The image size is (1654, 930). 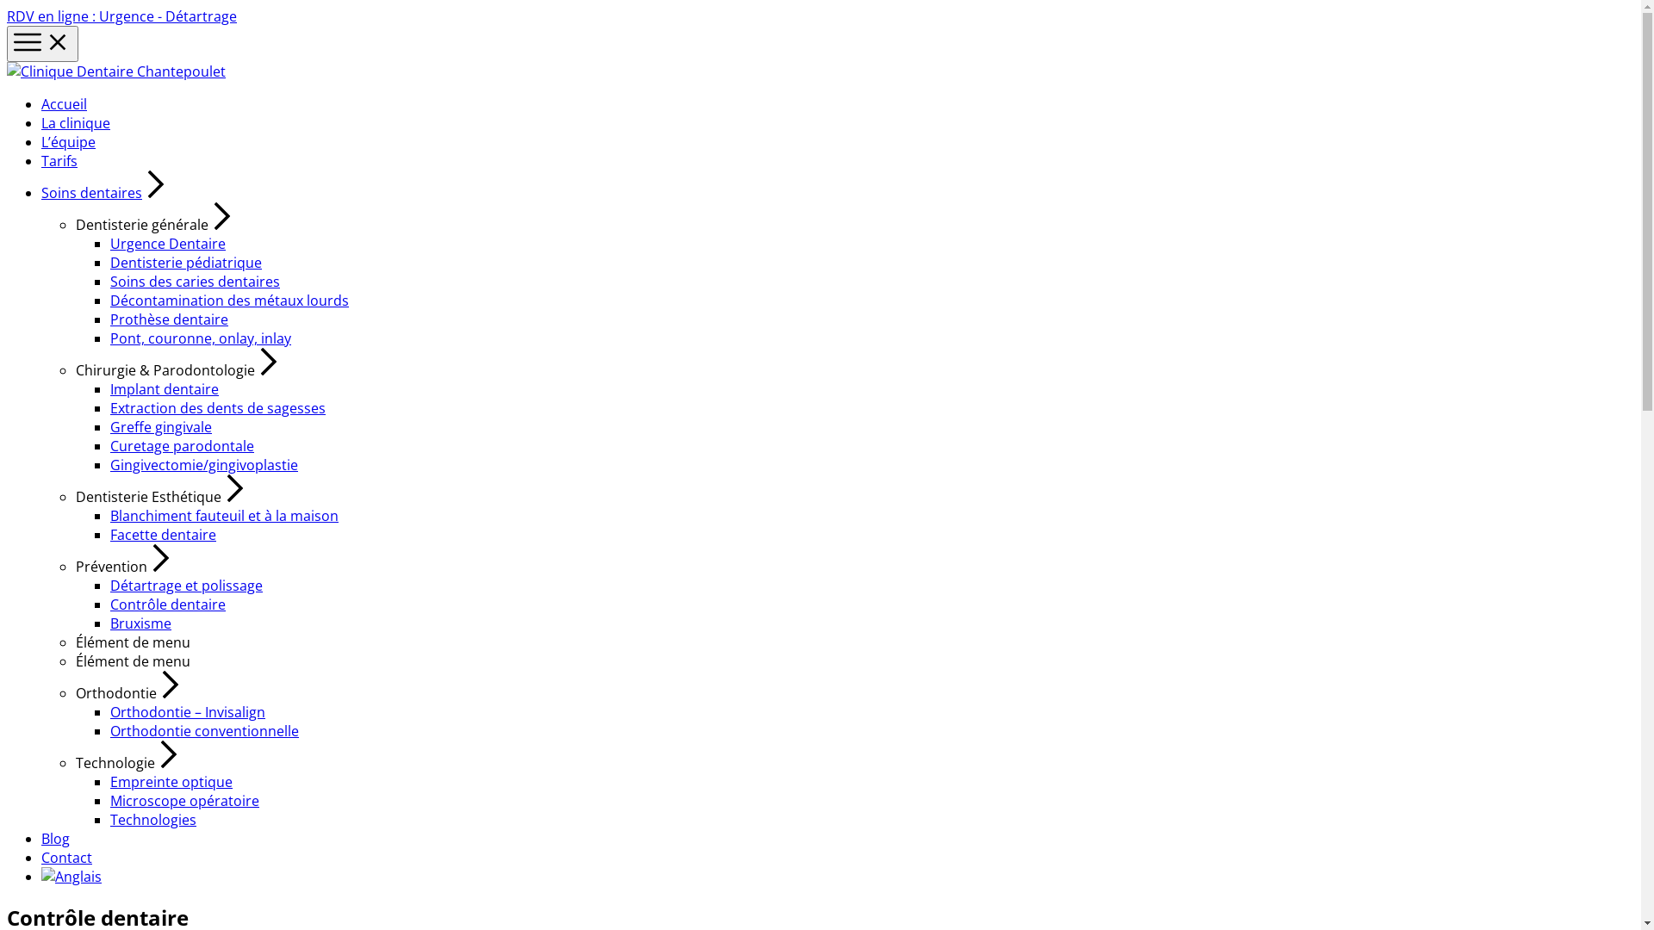 I want to click on 'Soins des caries dentaires', so click(x=195, y=281).